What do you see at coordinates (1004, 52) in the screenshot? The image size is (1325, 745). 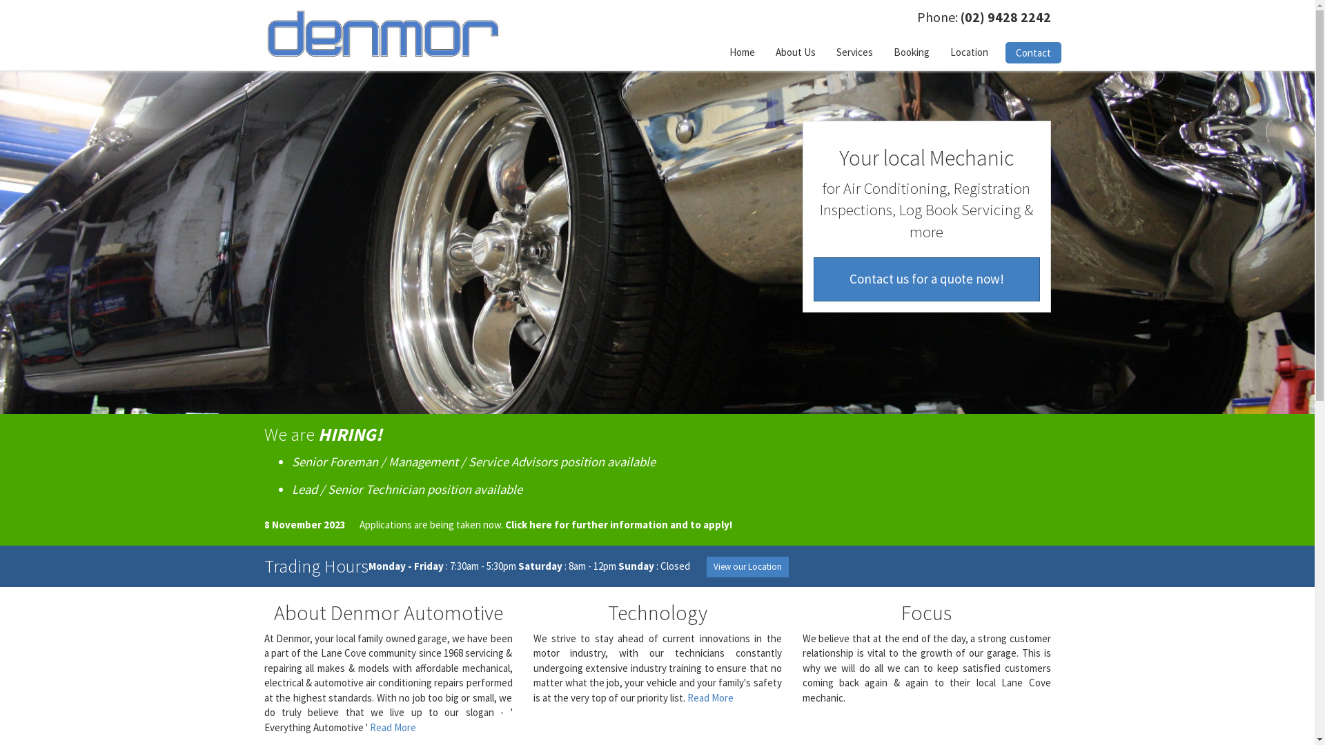 I see `'Contact'` at bounding box center [1004, 52].